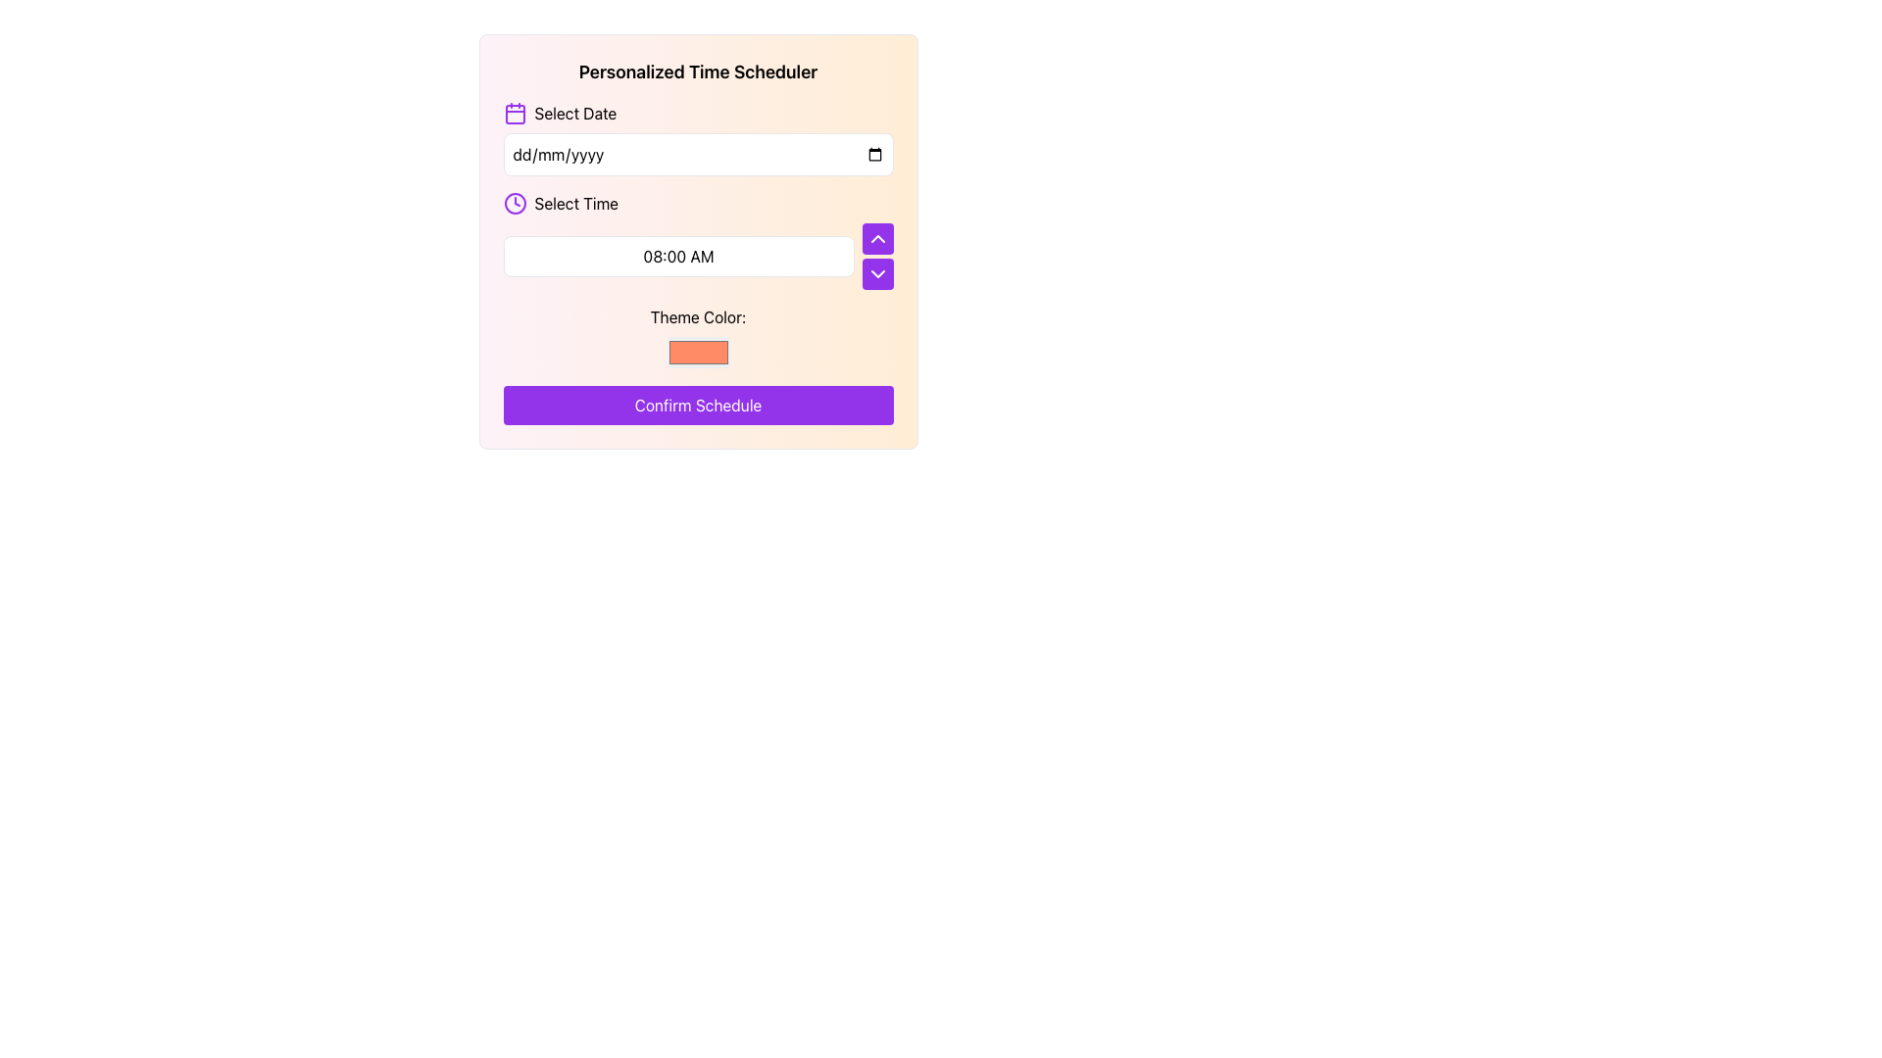  I want to click on the circular shape with a purple outline located at the center of the clock icon, which represents time selection, so click(515, 204).